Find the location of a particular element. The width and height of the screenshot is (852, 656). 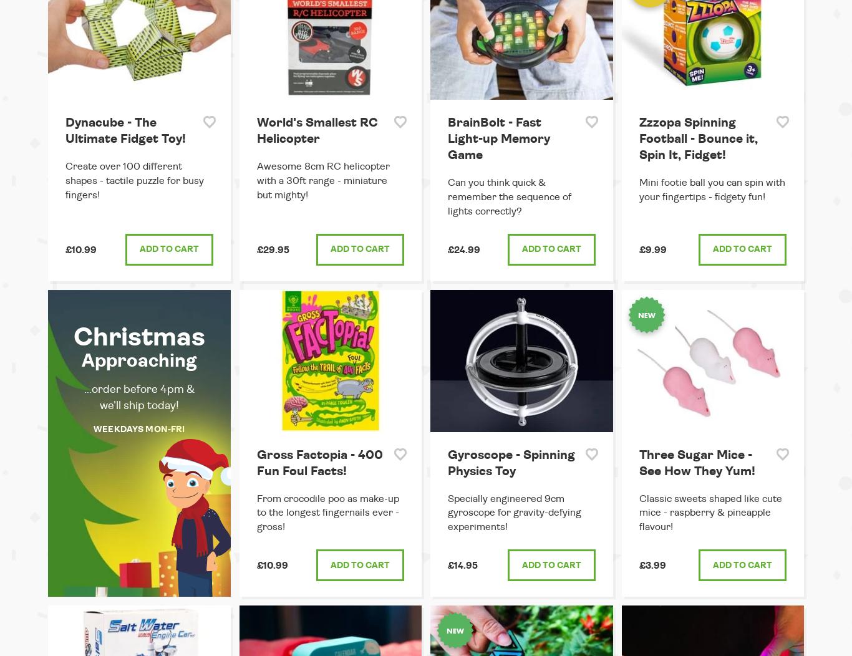

'£14.95' is located at coordinates (463, 566).